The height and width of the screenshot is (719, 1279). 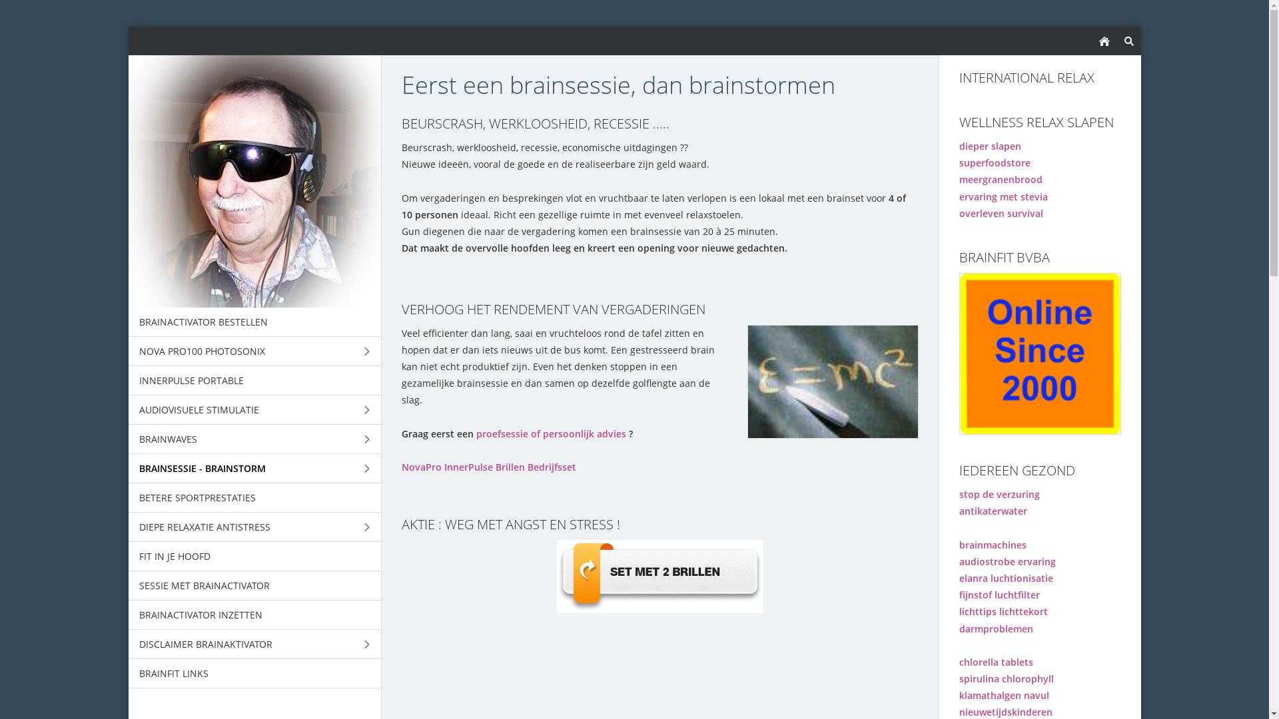 I want to click on 'BRAINACTIVATOR BESTELLEN', so click(x=254, y=322).